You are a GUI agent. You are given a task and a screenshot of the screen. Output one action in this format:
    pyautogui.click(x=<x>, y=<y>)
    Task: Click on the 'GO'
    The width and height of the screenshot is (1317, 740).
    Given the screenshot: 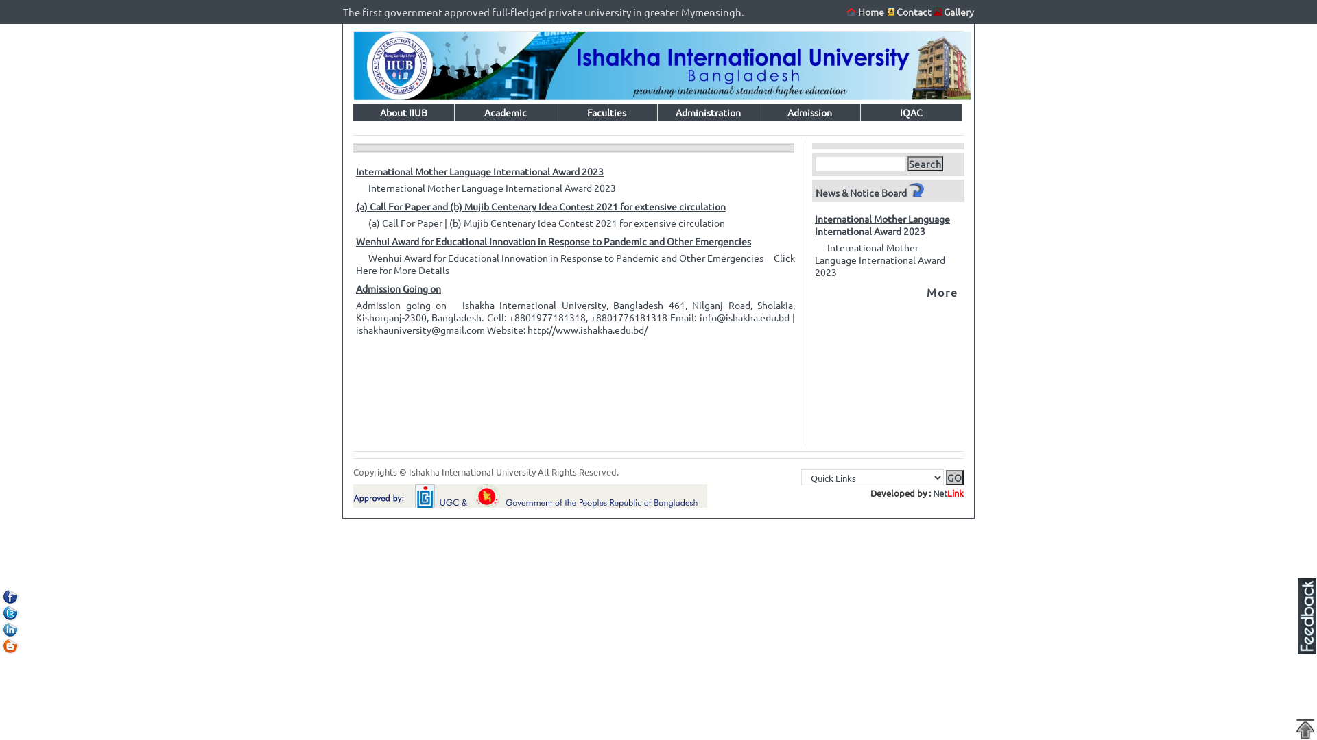 What is the action you would take?
    pyautogui.click(x=954, y=477)
    